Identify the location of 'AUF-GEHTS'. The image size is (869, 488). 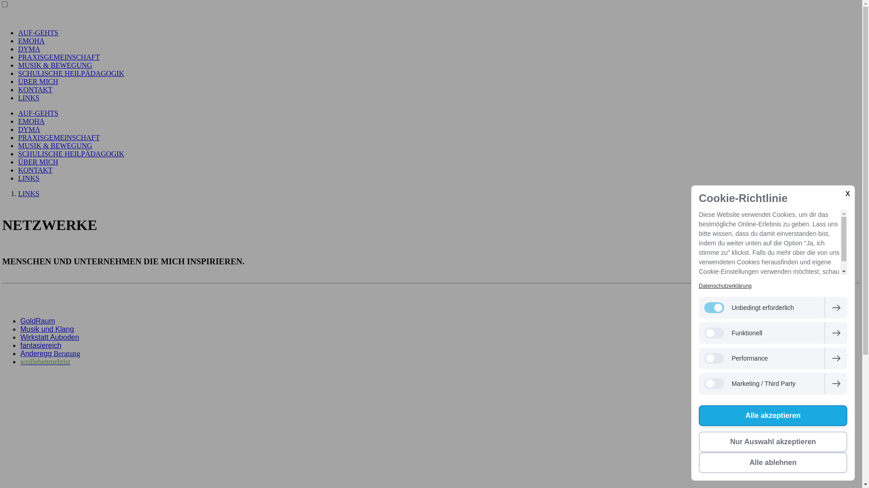
(18, 32).